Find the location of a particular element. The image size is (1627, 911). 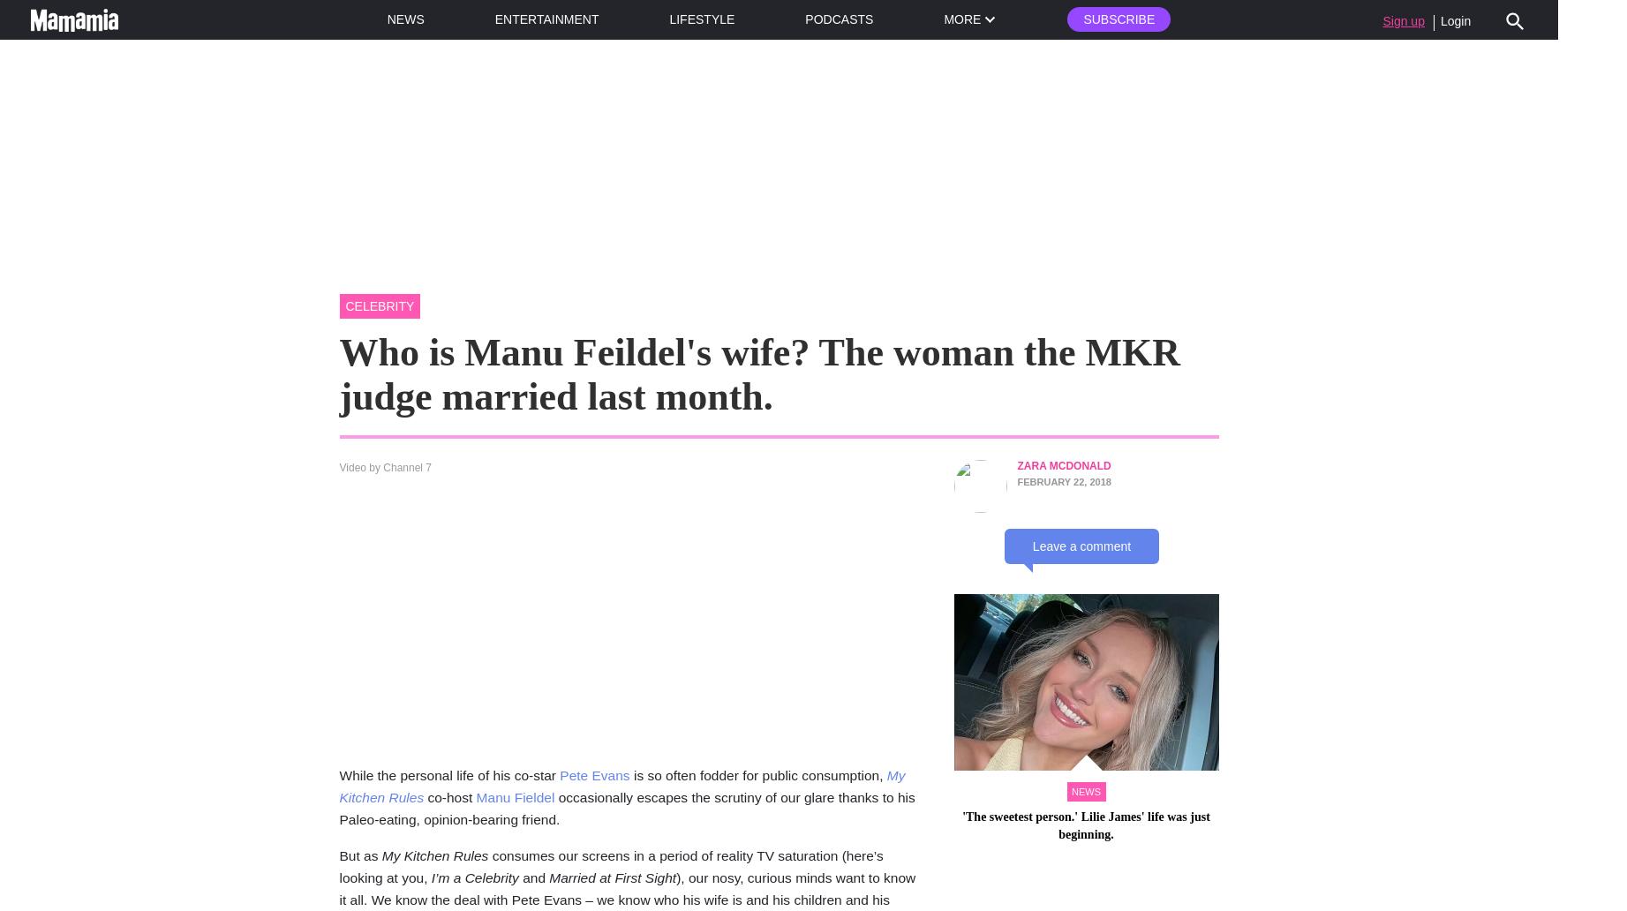

'But as' is located at coordinates (360, 854).